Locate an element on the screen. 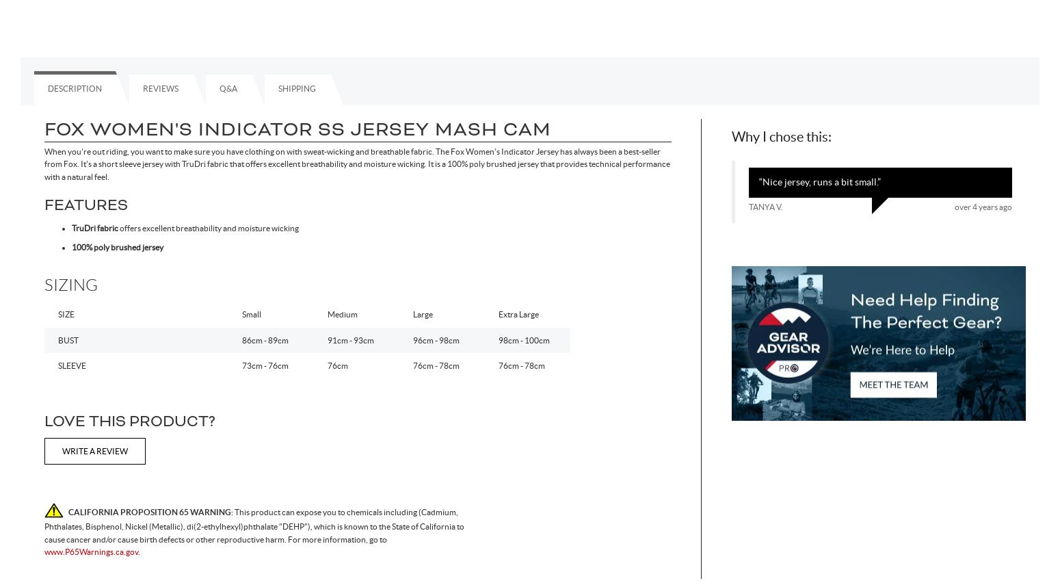 The width and height of the screenshot is (1060, 585). 'Sizing' is located at coordinates (71, 284).